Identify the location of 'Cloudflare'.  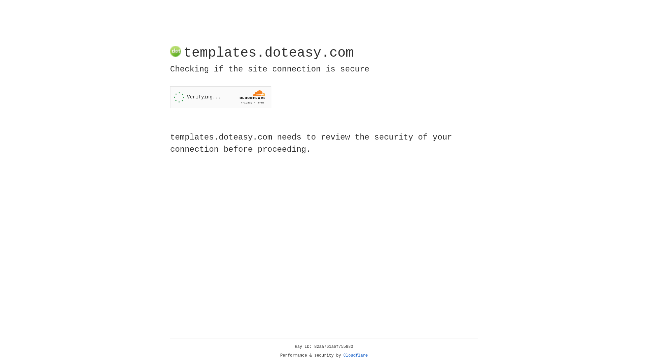
(355, 355).